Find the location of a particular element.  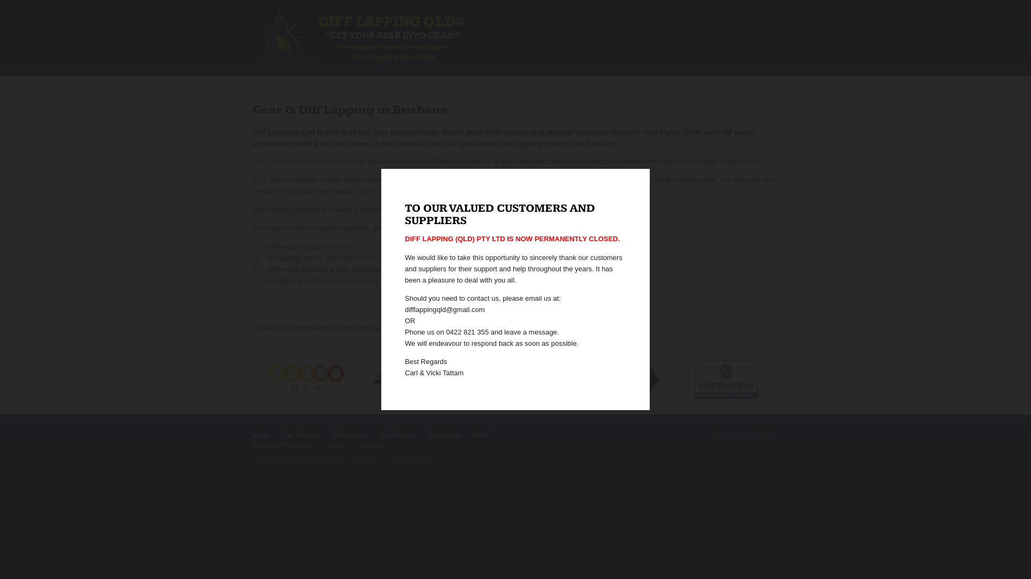

'Gear Ratios' is located at coordinates (396, 435).